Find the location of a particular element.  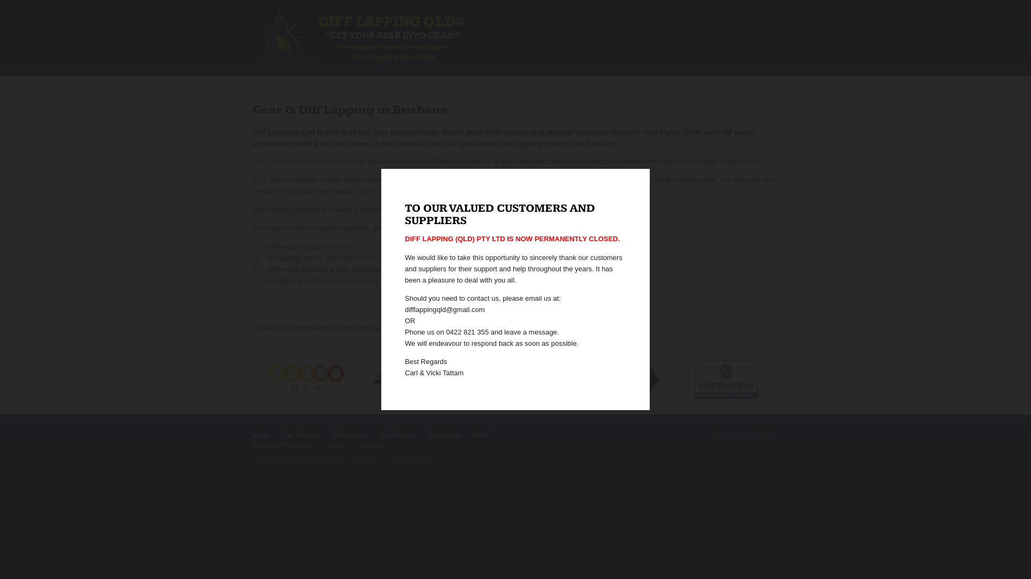

'Gear Ratios' is located at coordinates (396, 435).